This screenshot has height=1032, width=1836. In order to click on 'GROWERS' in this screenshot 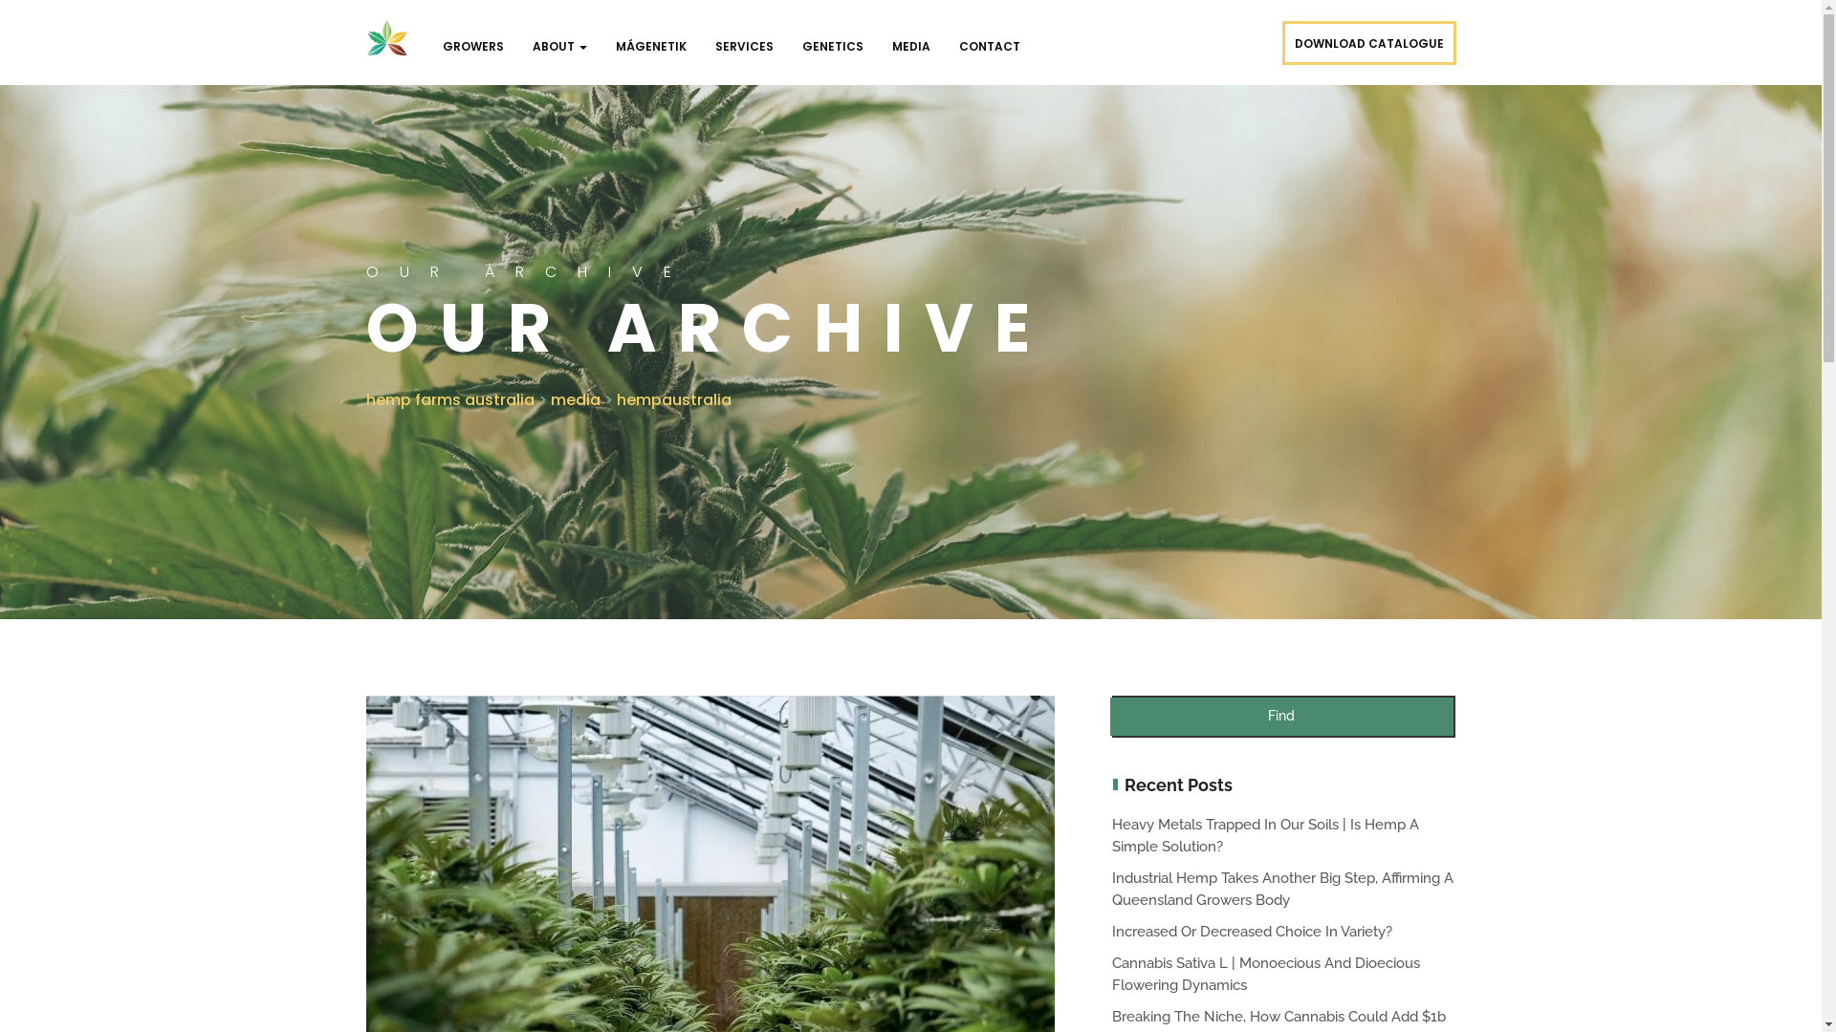, I will do `click(436, 46)`.